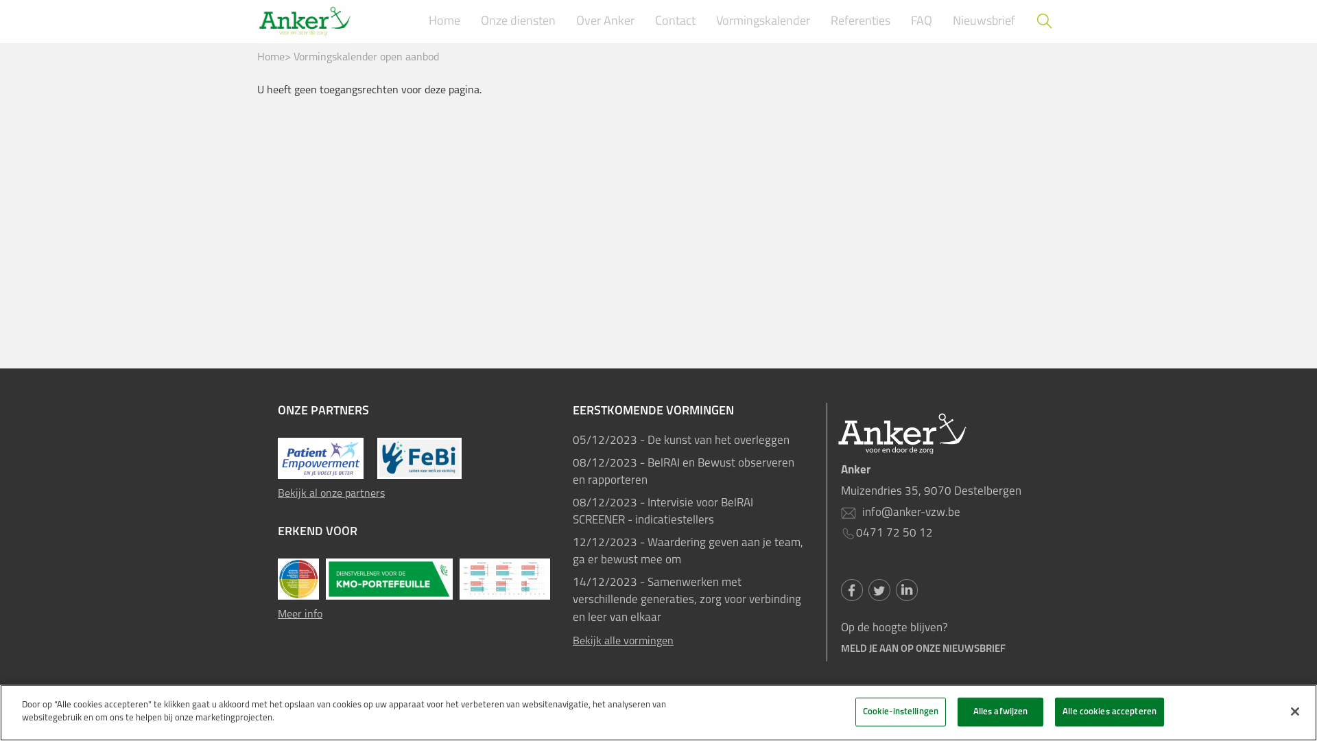  What do you see at coordinates (840, 648) in the screenshot?
I see `'MELD JE AAN OP ONZE NIEUWSBRIEF'` at bounding box center [840, 648].